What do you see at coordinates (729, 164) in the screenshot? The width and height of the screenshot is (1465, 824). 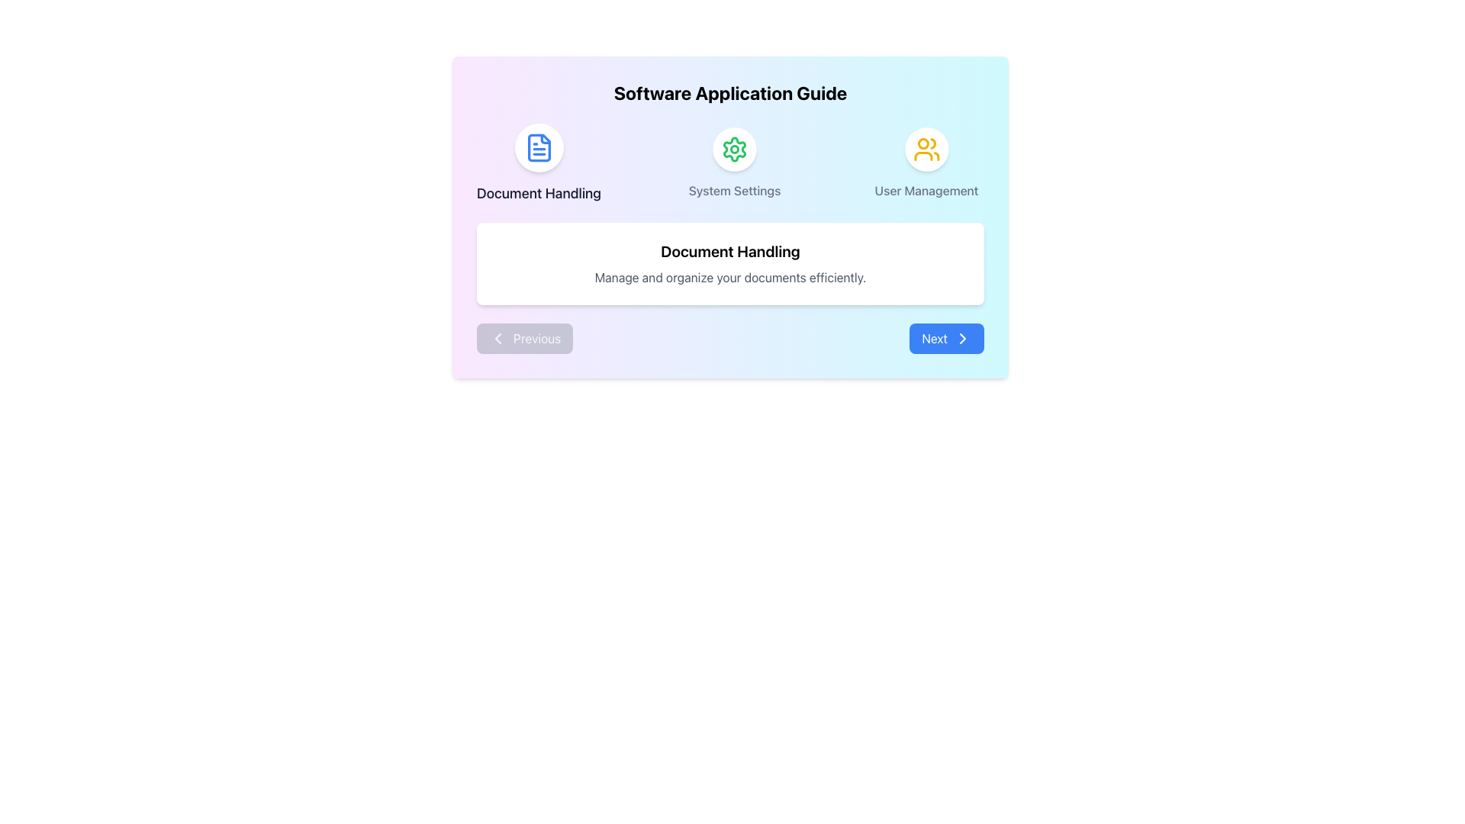 I see `the central button for accessing system settings` at bounding box center [729, 164].